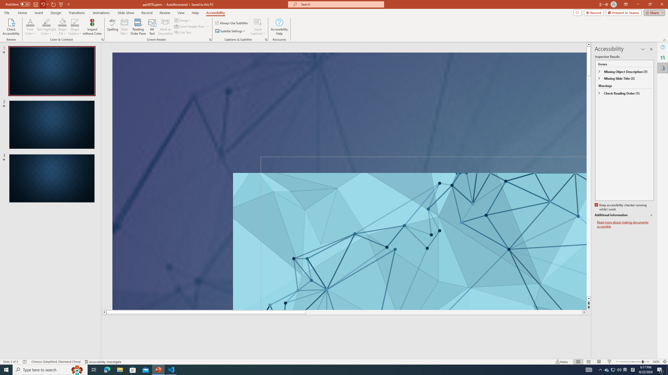 The height and width of the screenshot is (375, 668). What do you see at coordinates (625, 224) in the screenshot?
I see `'Read more about making documents accessible'` at bounding box center [625, 224].